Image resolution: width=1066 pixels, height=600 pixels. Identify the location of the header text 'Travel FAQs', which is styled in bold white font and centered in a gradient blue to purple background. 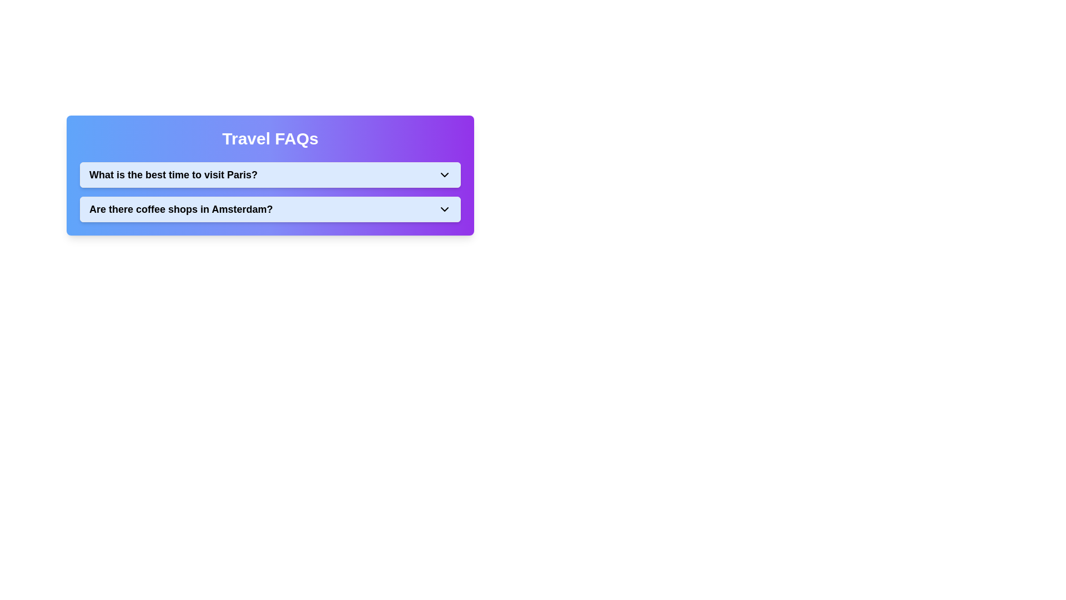
(270, 138).